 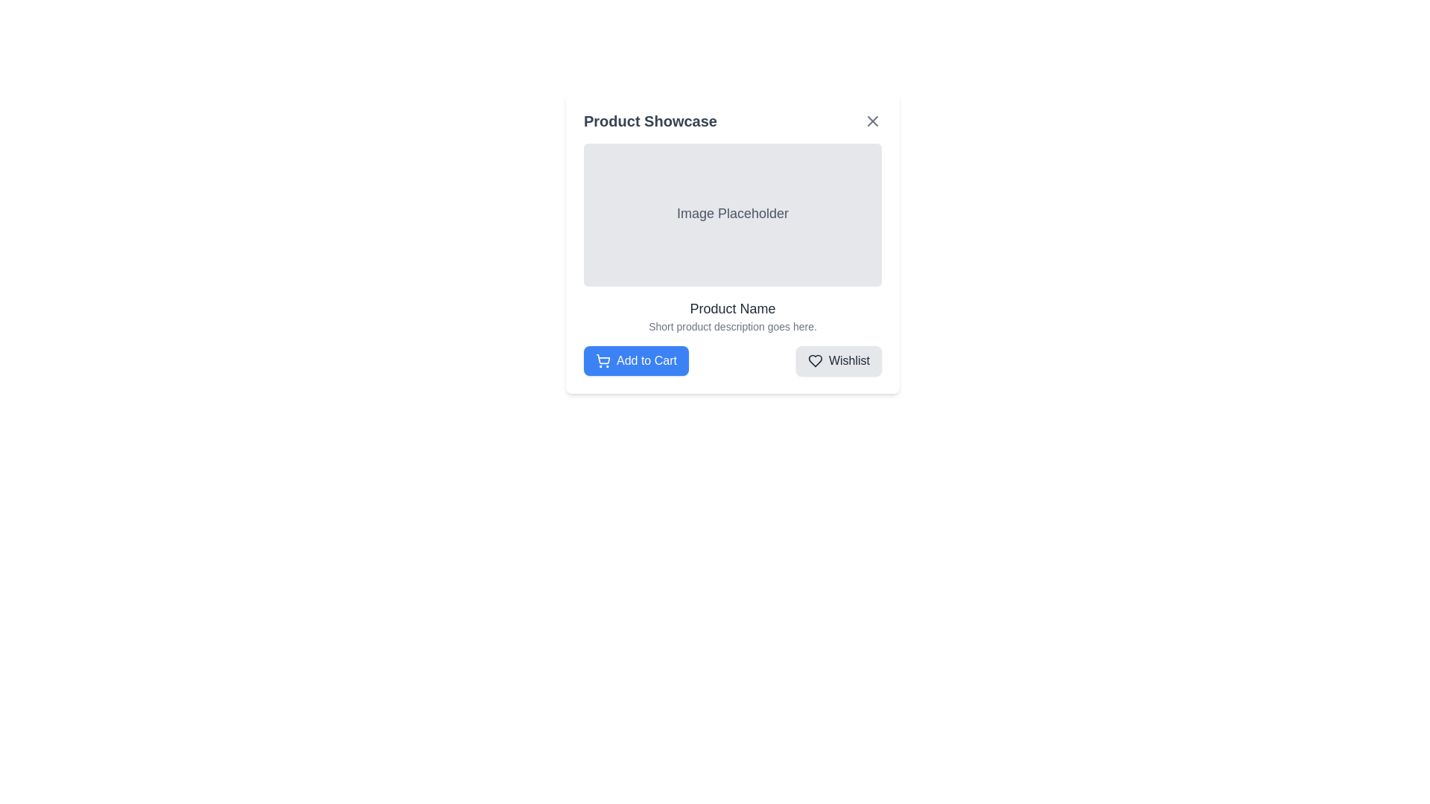 I want to click on the heart-shaped icon within the 'Wishlist' button group located at the bottom-right area of the modal window, so click(x=814, y=361).